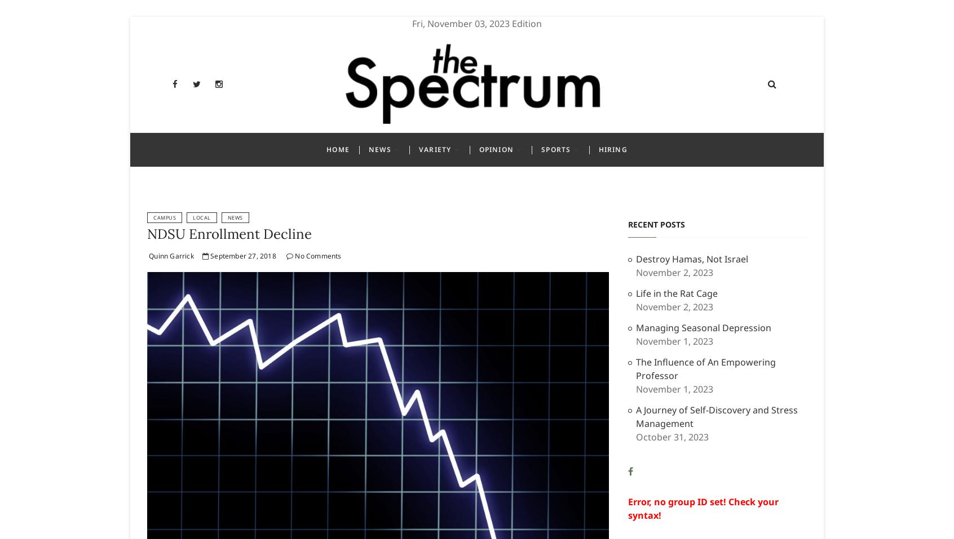 The height and width of the screenshot is (539, 954). I want to click on 'Track & Field', so click(567, 354).